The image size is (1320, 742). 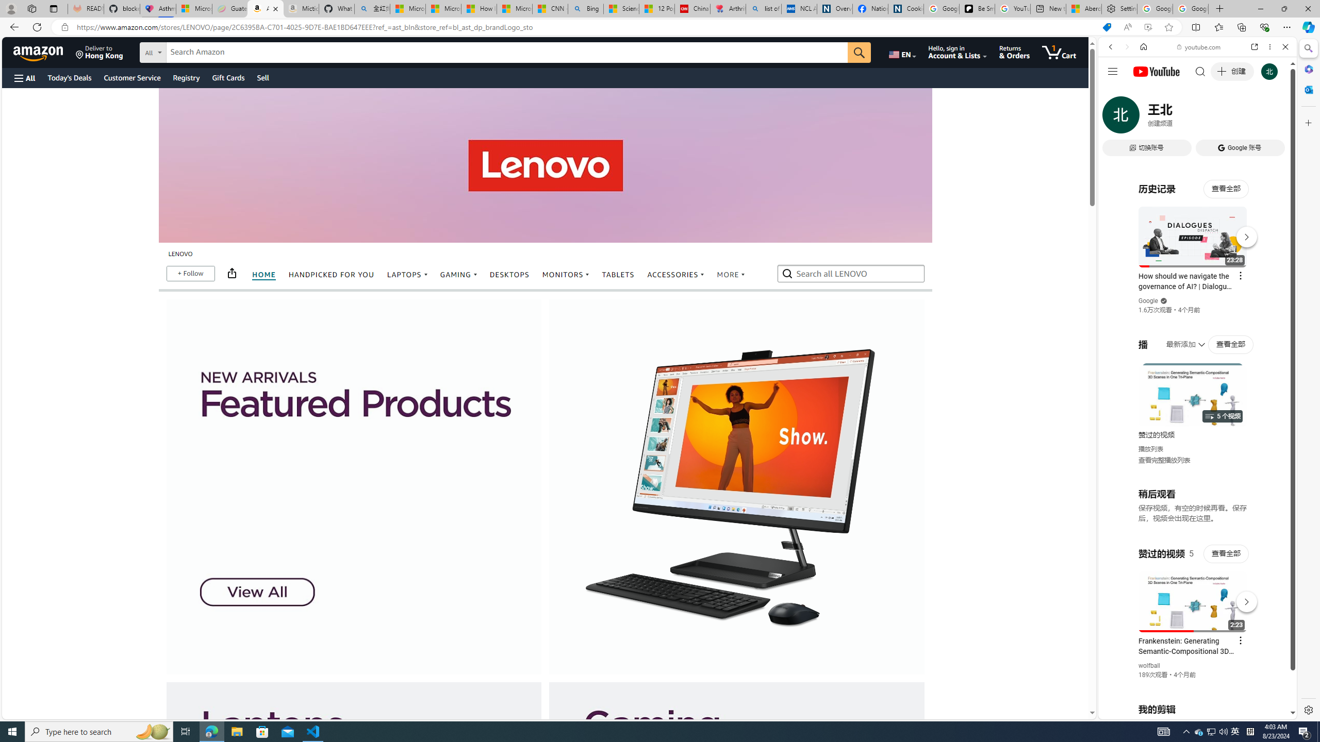 What do you see at coordinates (99, 52) in the screenshot?
I see `'Deliver to Hong Kong'` at bounding box center [99, 52].